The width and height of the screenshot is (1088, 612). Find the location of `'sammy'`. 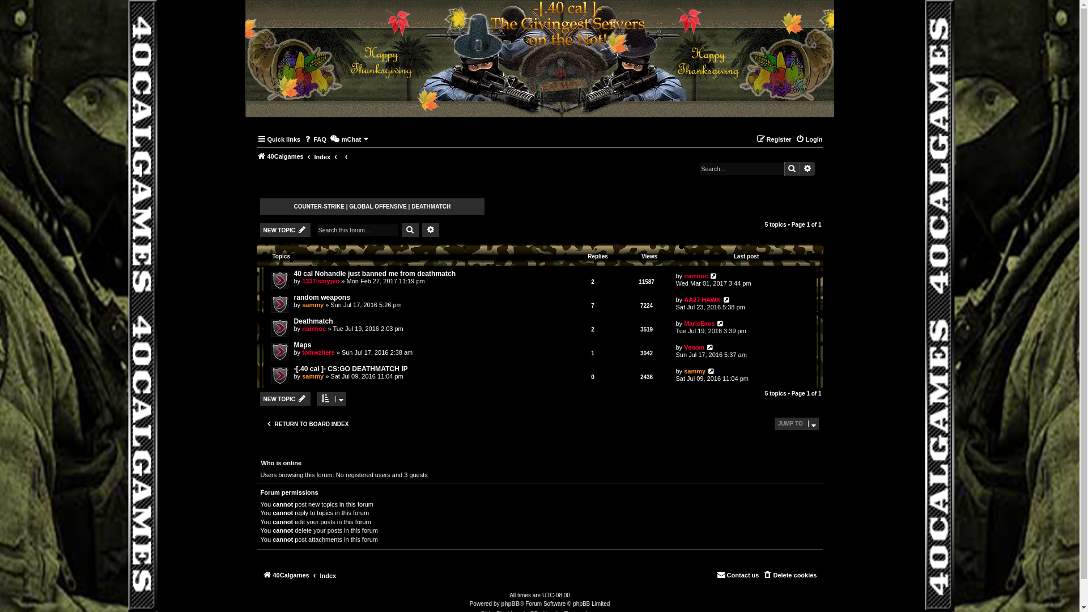

'sammy' is located at coordinates (313, 304).